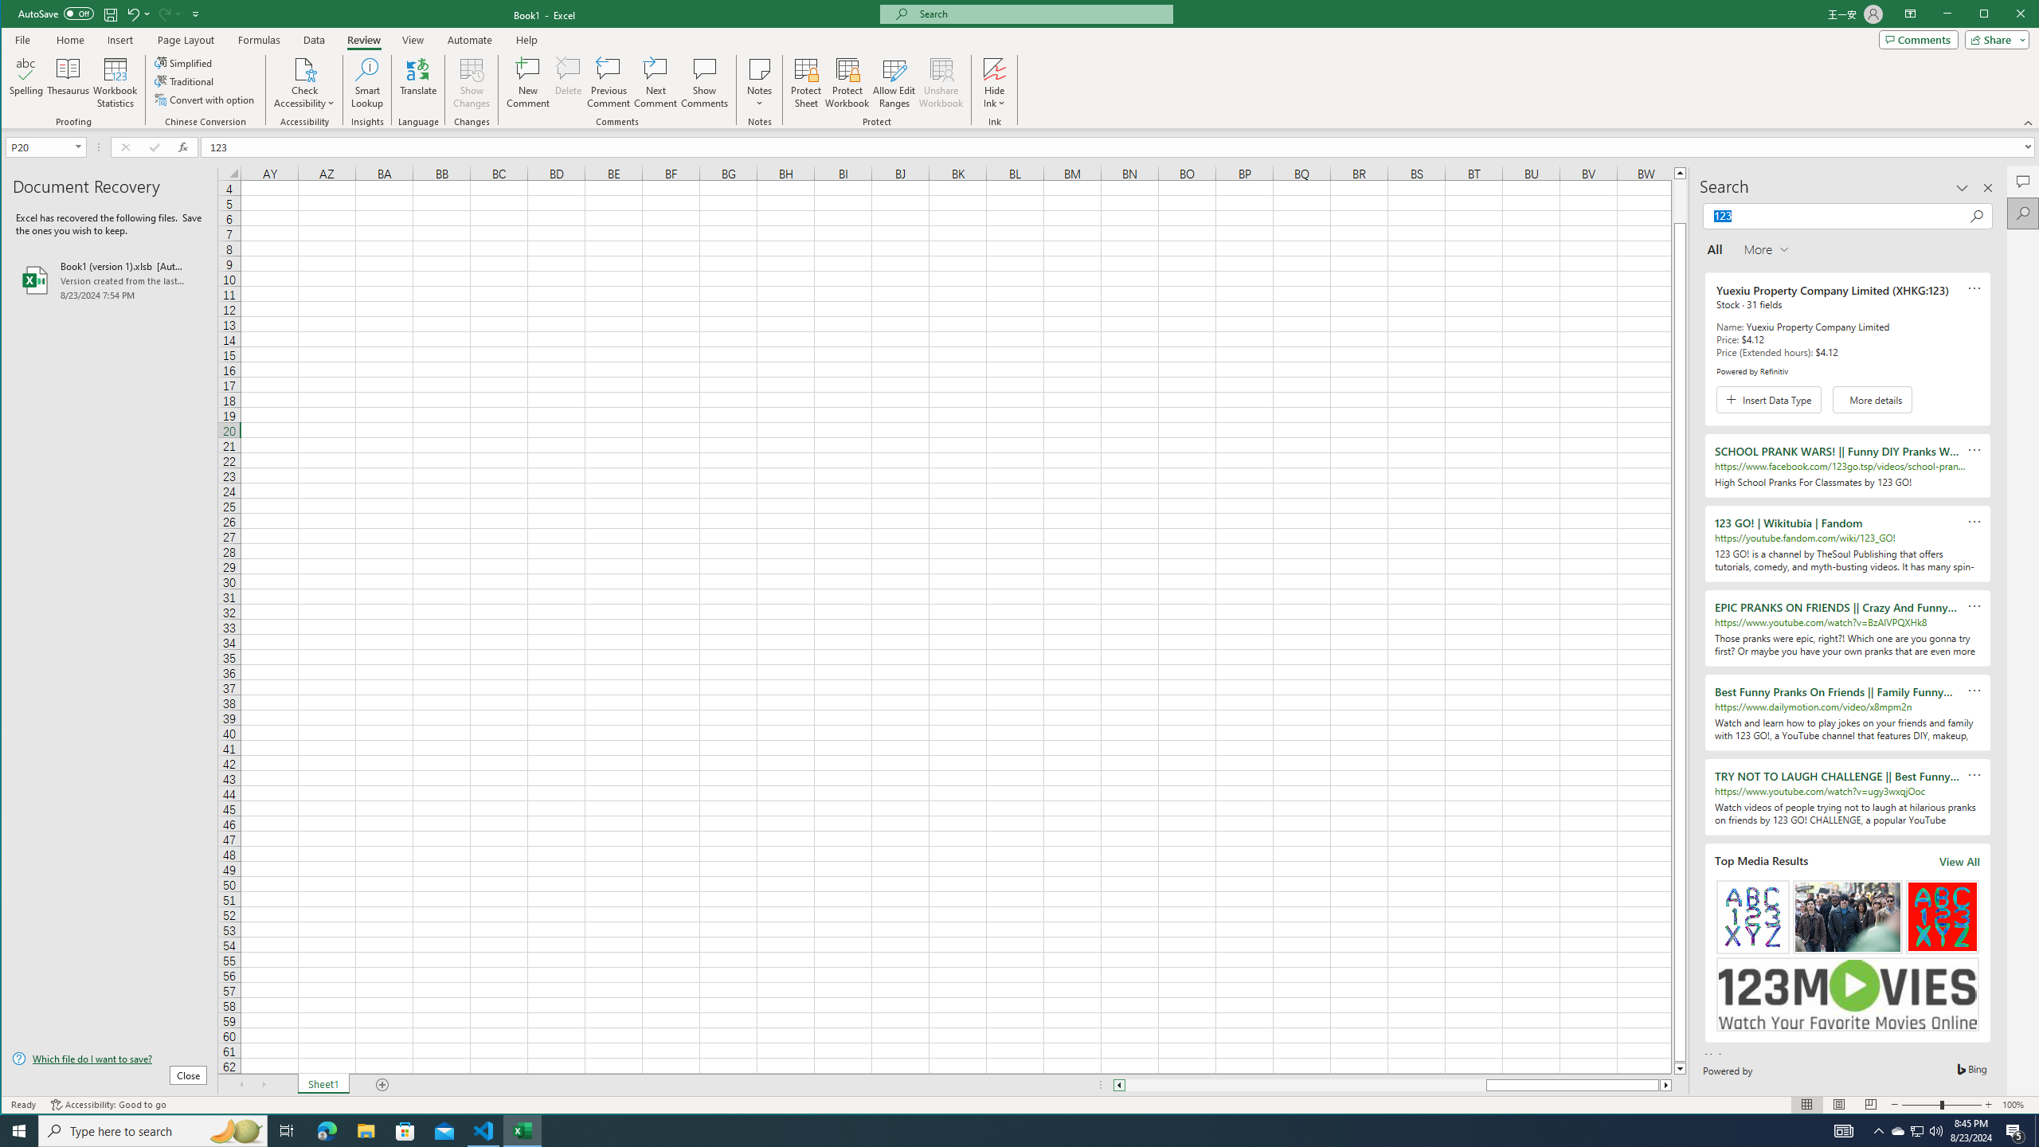 This screenshot has height=1147, width=2039. What do you see at coordinates (16, 15) in the screenshot?
I see `'System'` at bounding box center [16, 15].